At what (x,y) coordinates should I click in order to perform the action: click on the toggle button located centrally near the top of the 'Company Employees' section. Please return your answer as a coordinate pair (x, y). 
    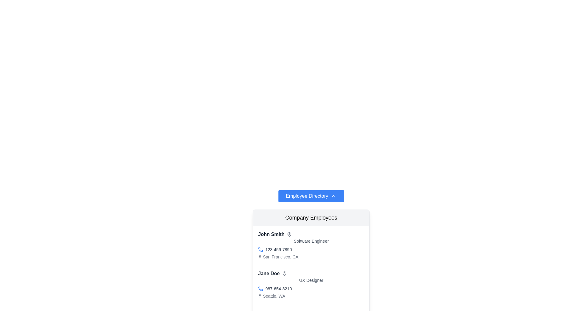
    Looking at the image, I should click on (311, 196).